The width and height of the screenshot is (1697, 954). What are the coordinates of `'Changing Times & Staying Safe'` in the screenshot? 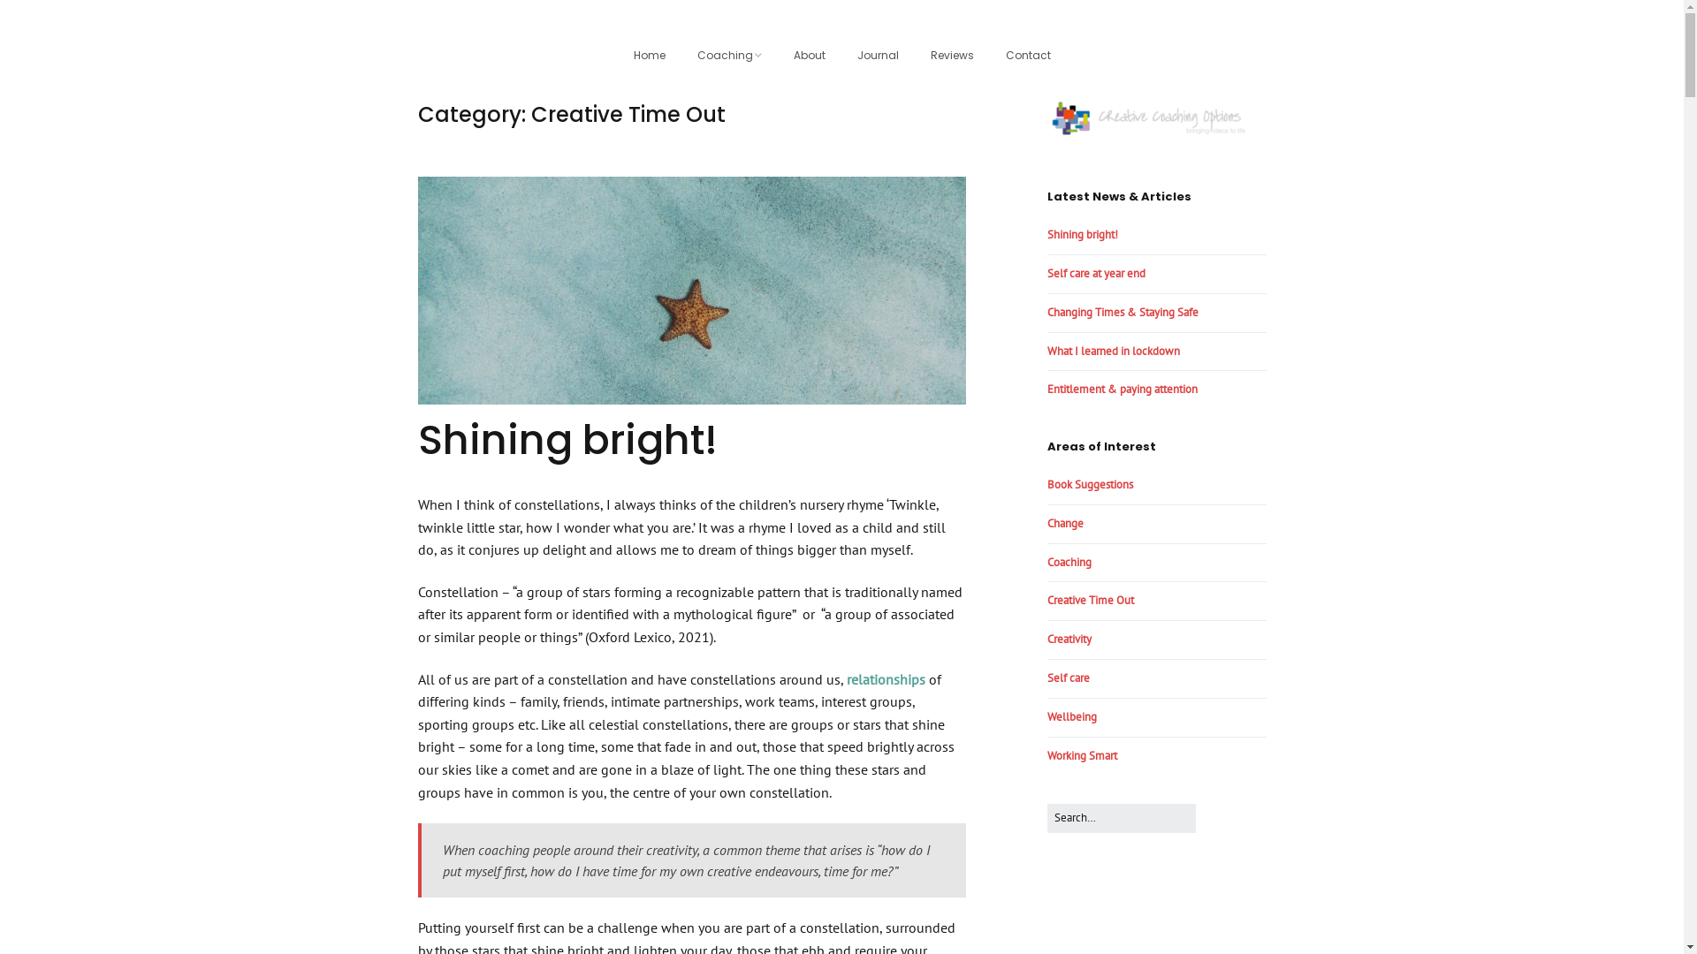 It's located at (1121, 311).